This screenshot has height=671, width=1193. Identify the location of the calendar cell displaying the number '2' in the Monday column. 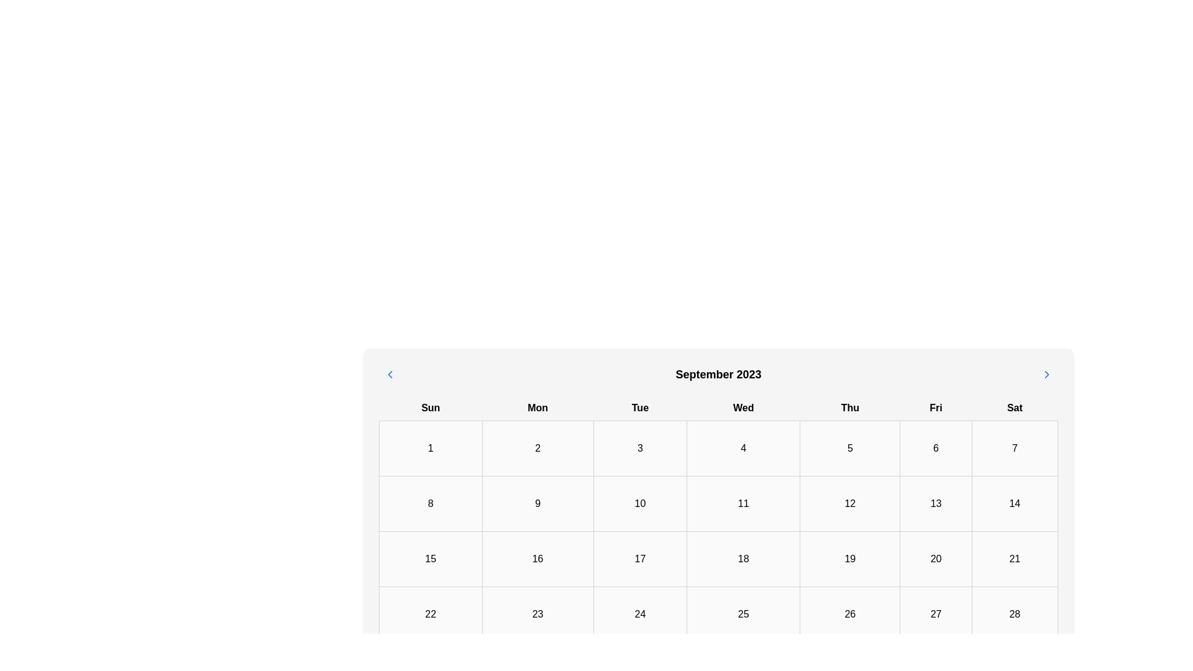
(537, 448).